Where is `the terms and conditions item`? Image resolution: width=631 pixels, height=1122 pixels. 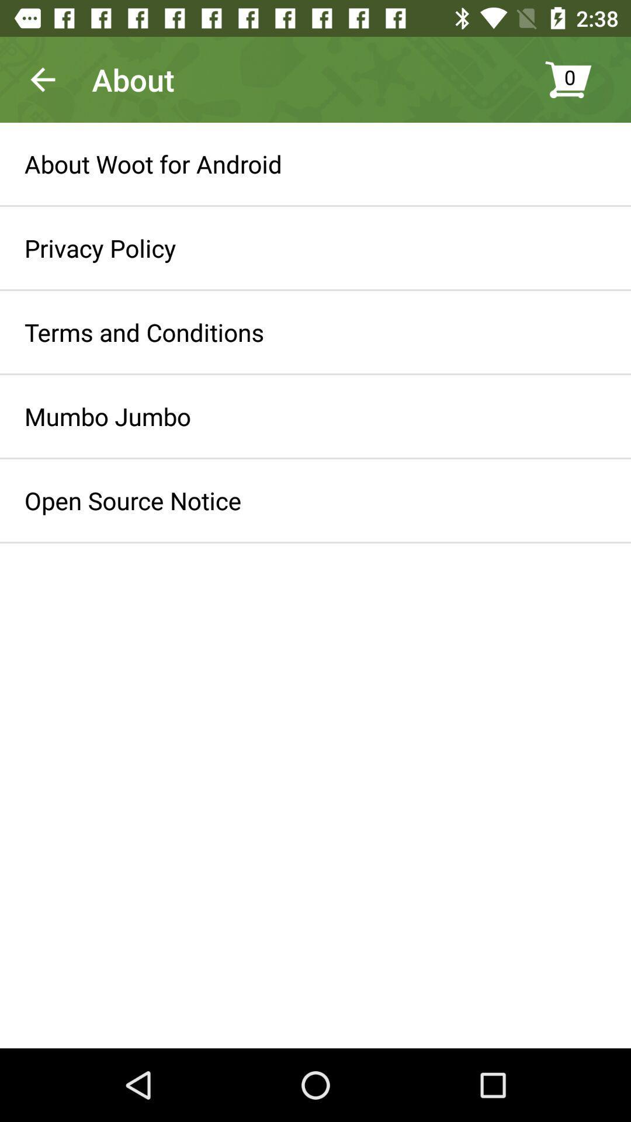
the terms and conditions item is located at coordinates (144, 331).